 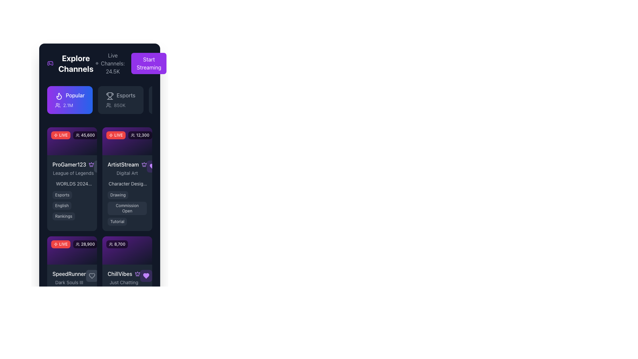 I want to click on the live streaming channel card that provides information about the channel title, content description, streaming category, live viewer counts, and associated tags, located in the second column from the left in the first row of the grid layout under the 'Explore Channels' section, so click(x=127, y=179).